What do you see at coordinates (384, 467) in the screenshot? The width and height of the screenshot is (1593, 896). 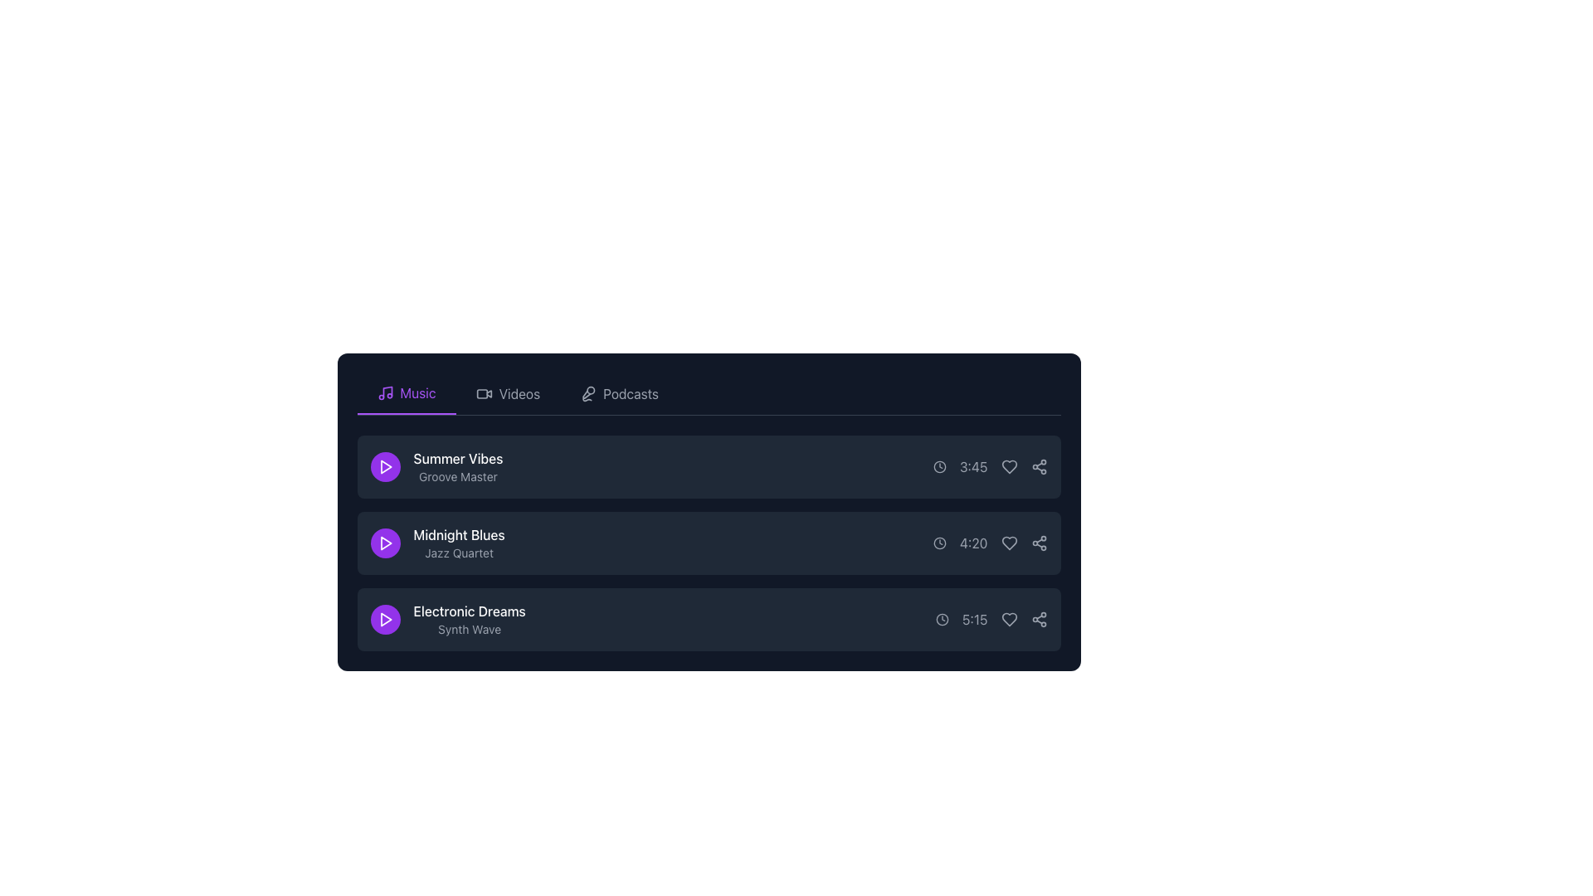 I see `the triangular play icon with a white outline on a purple circular background` at bounding box center [384, 467].